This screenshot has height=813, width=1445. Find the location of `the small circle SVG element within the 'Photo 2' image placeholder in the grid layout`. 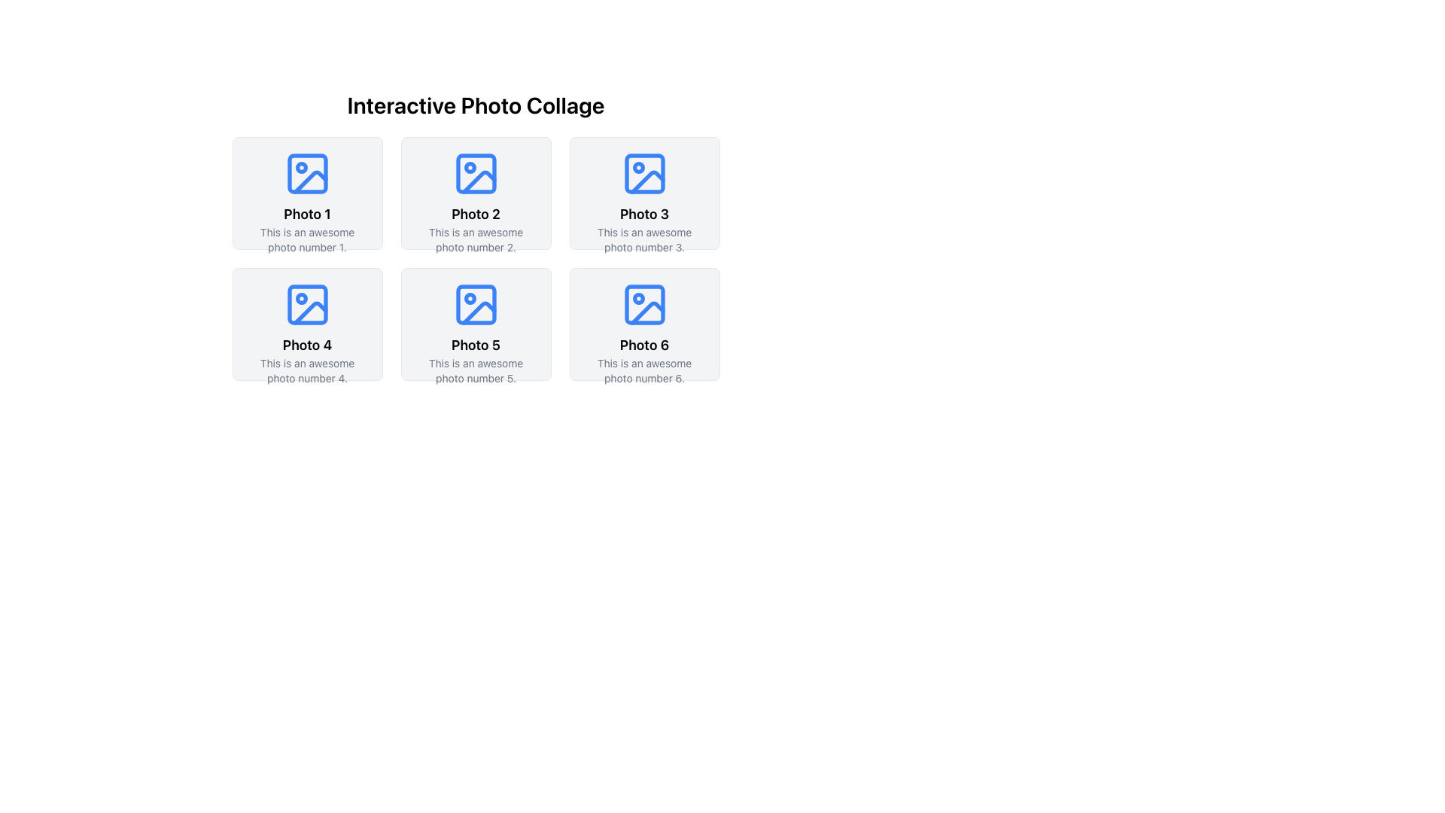

the small circle SVG element within the 'Photo 2' image placeholder in the grid layout is located at coordinates (469, 168).